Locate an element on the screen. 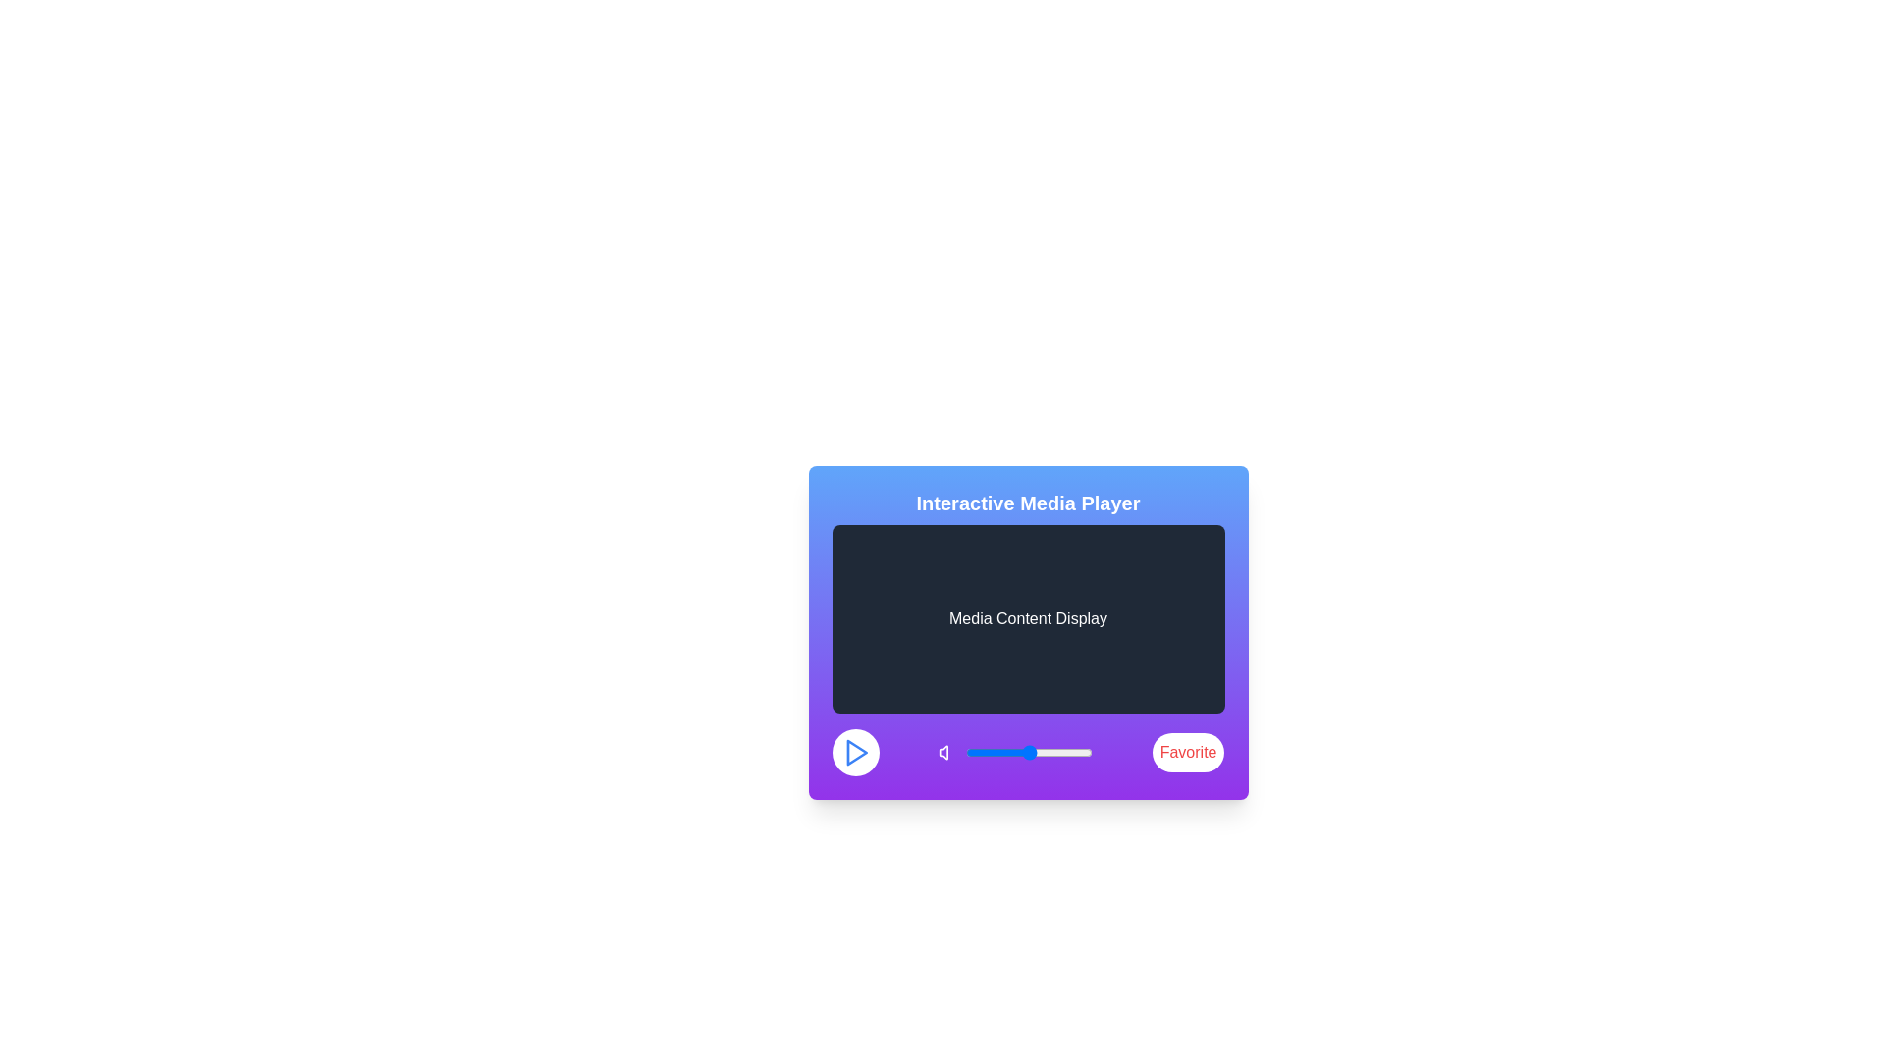 The height and width of the screenshot is (1060, 1885). the slider is located at coordinates (1016, 752).